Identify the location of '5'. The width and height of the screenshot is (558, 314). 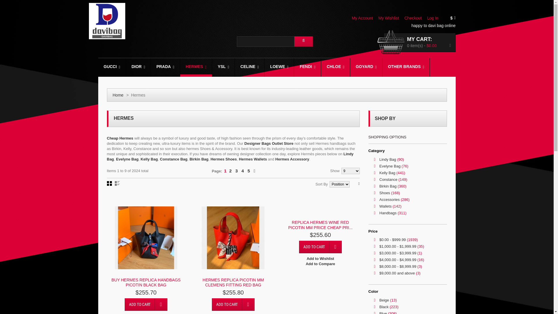
(247, 170).